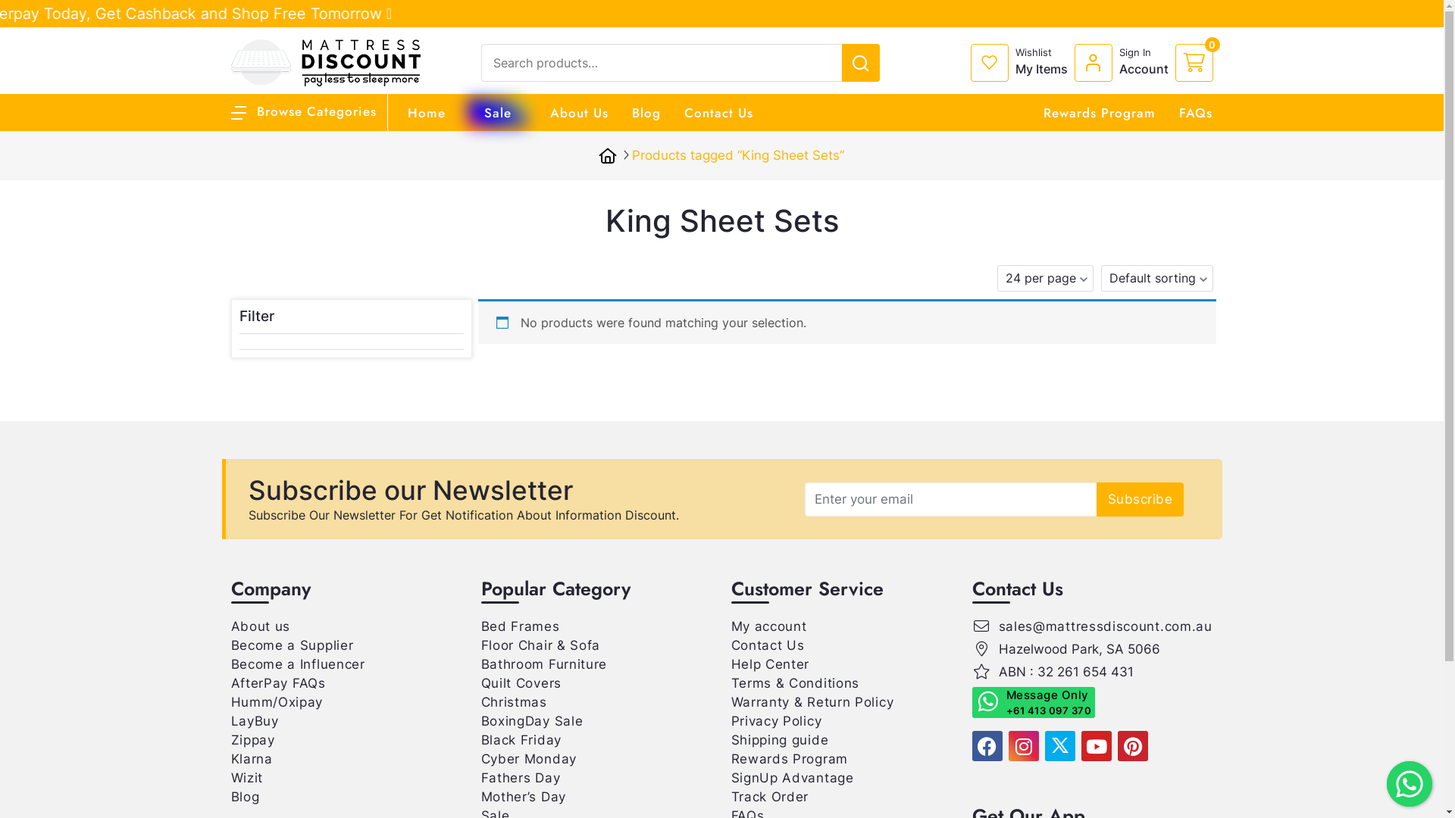  What do you see at coordinates (527, 759) in the screenshot?
I see `'Cyber Monday'` at bounding box center [527, 759].